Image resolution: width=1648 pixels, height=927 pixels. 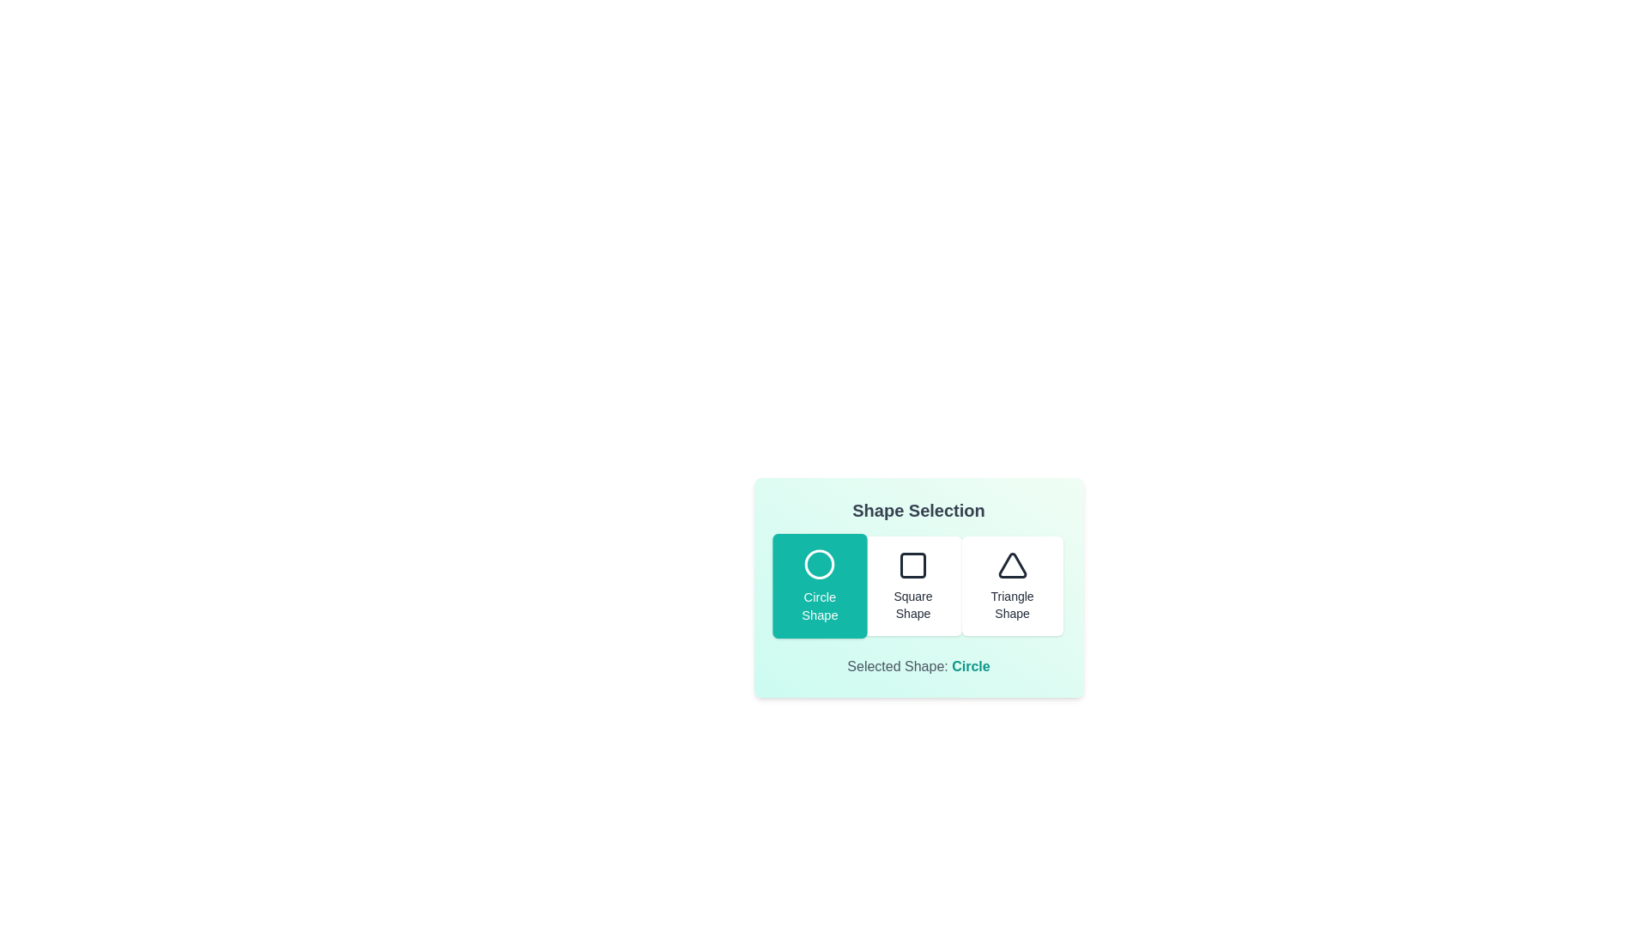 What do you see at coordinates (818, 585) in the screenshot?
I see `the circle button to observe its hover effect` at bounding box center [818, 585].